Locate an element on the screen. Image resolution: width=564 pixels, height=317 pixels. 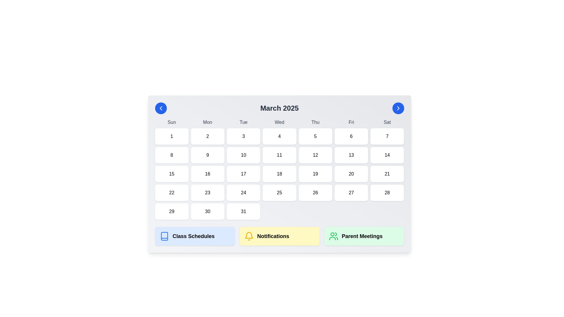
the Text label indicating 'Sat', which is the last item in the group of weekday labels at the top right of the calendar grid is located at coordinates (387, 122).